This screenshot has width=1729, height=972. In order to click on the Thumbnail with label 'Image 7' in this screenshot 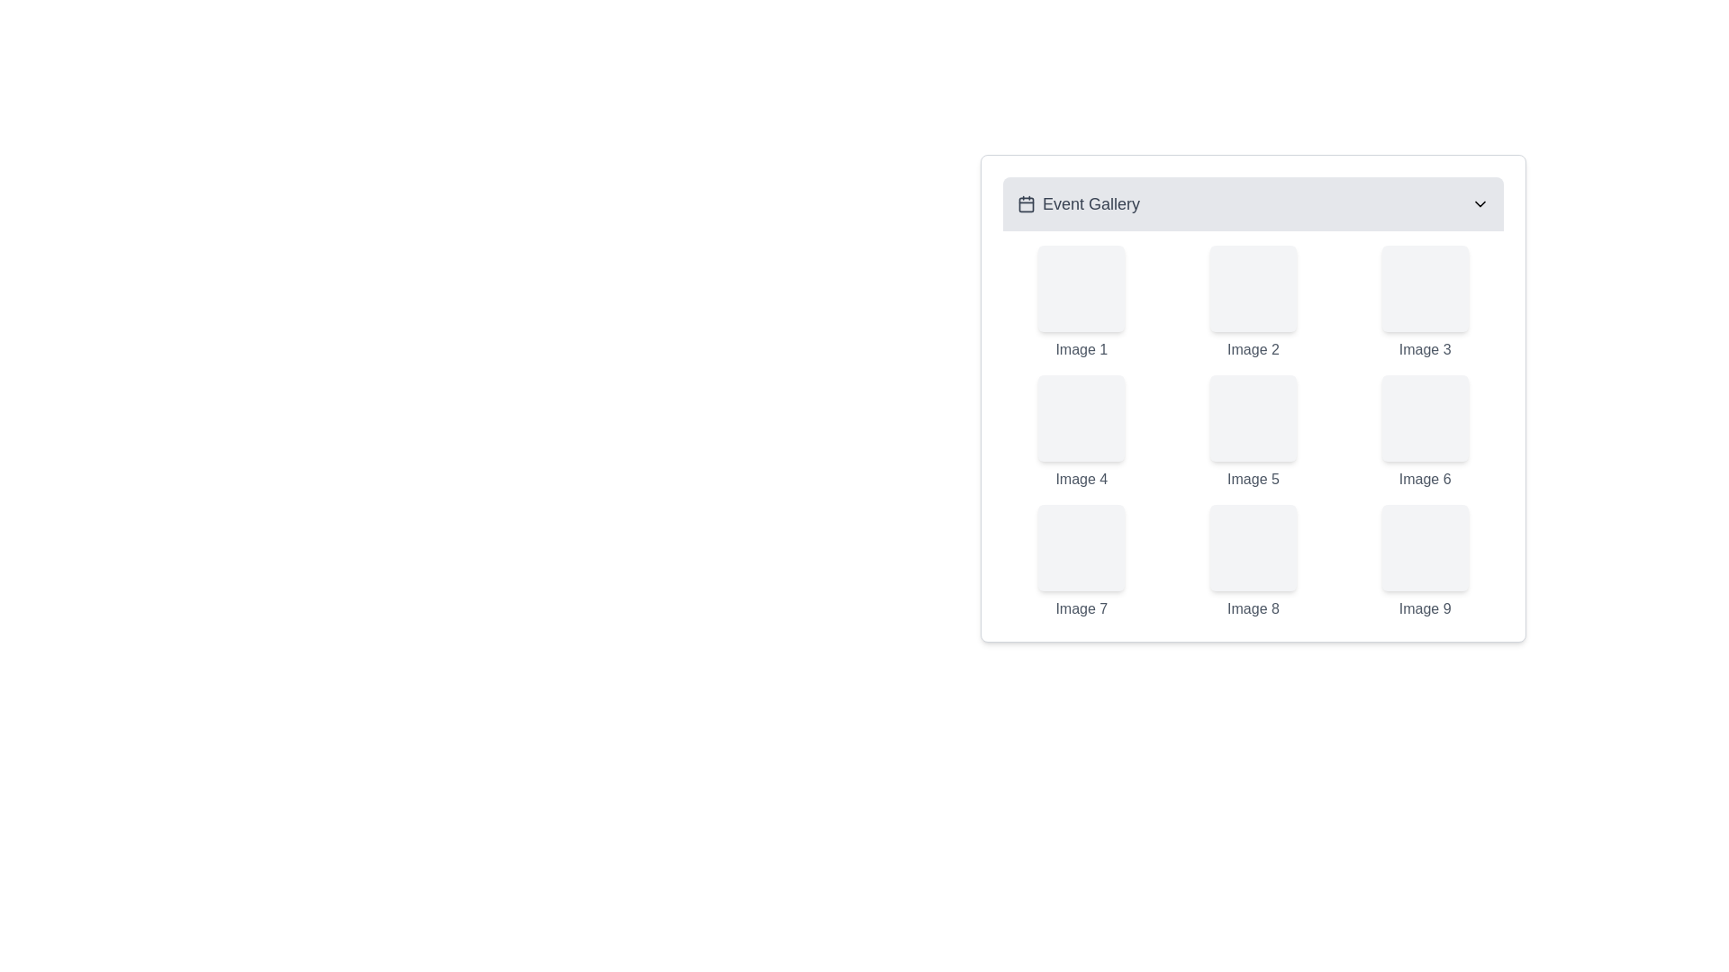, I will do `click(1081, 561)`.